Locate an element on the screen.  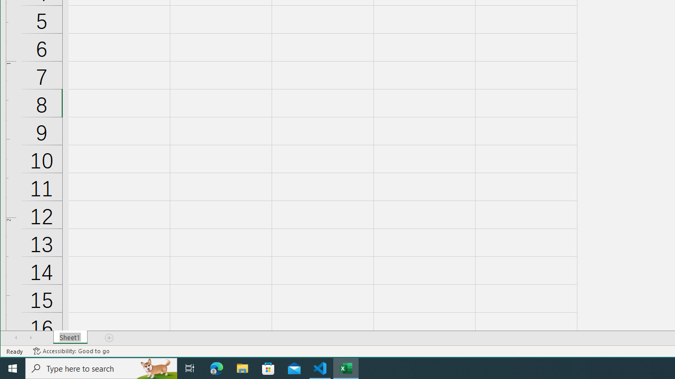
'Microsoft Store' is located at coordinates (268, 367).